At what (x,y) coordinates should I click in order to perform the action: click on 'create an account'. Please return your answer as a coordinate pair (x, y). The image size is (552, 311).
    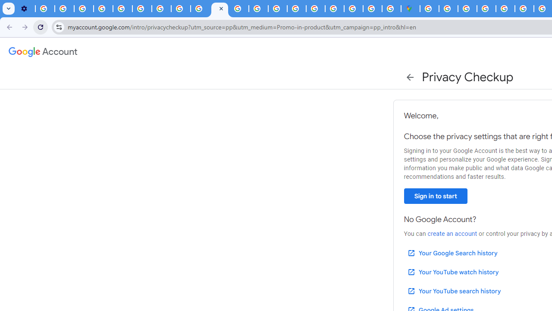
    Looking at the image, I should click on (452, 234).